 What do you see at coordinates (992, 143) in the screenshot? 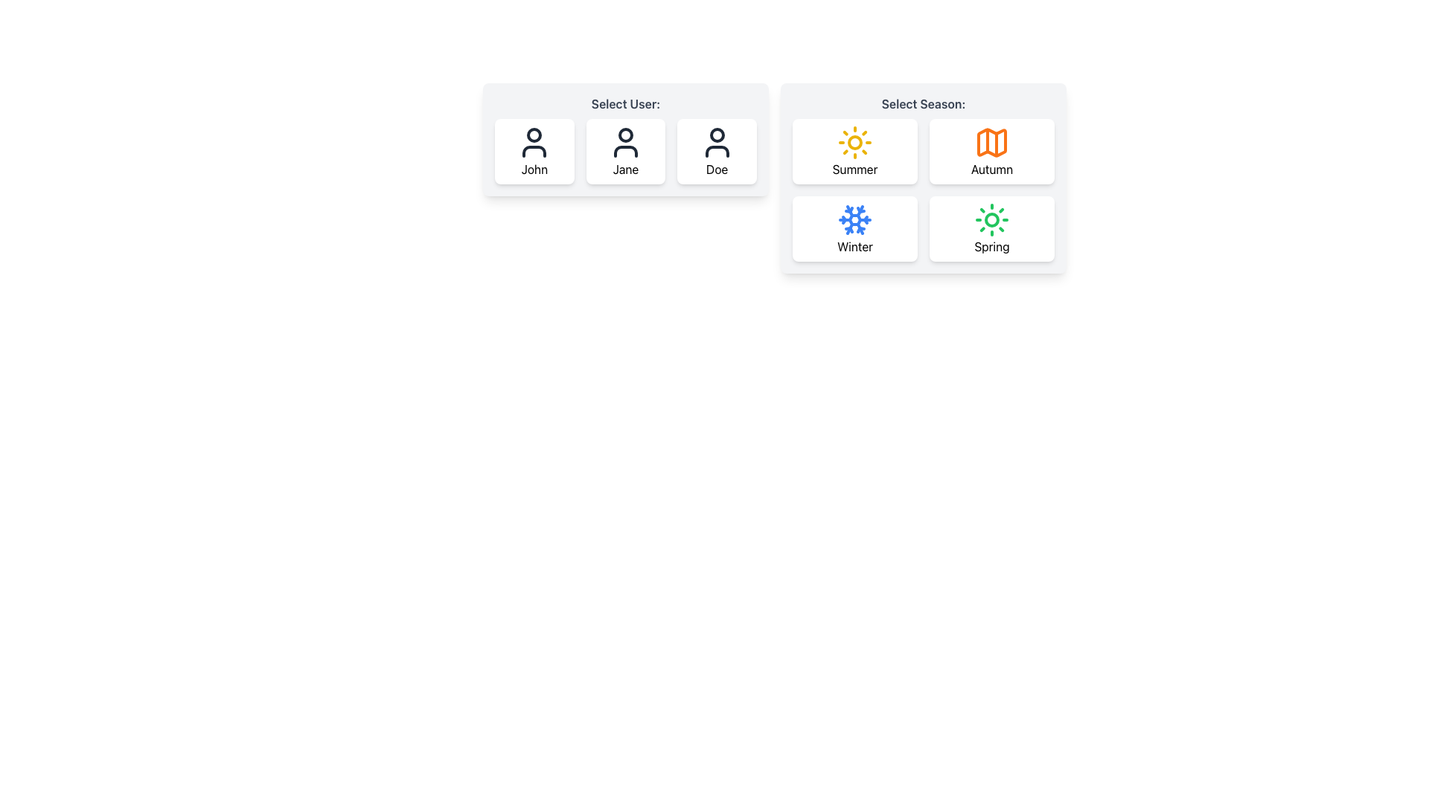
I see `the orange open map icon within the 'Autumn' button in the 'Select Season' grid` at bounding box center [992, 143].